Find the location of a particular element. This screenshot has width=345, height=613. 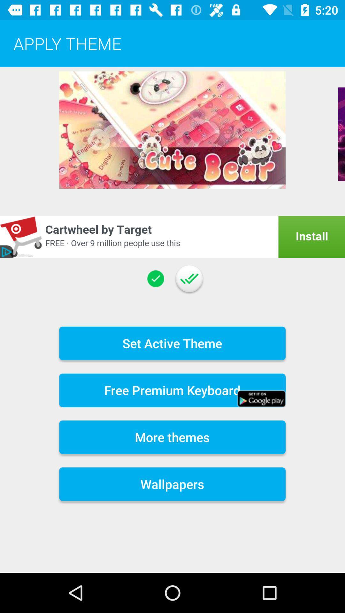

the item above the set active theme item is located at coordinates (189, 279).